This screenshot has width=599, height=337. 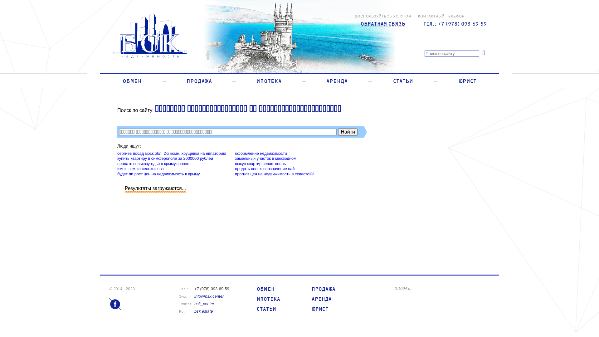 What do you see at coordinates (203, 311) in the screenshot?
I see `'bsk.estate'` at bounding box center [203, 311].